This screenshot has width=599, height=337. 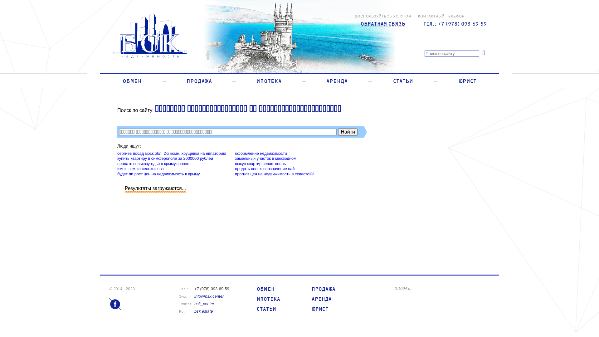 What do you see at coordinates (203, 311) in the screenshot?
I see `'bsk.estate'` at bounding box center [203, 311].